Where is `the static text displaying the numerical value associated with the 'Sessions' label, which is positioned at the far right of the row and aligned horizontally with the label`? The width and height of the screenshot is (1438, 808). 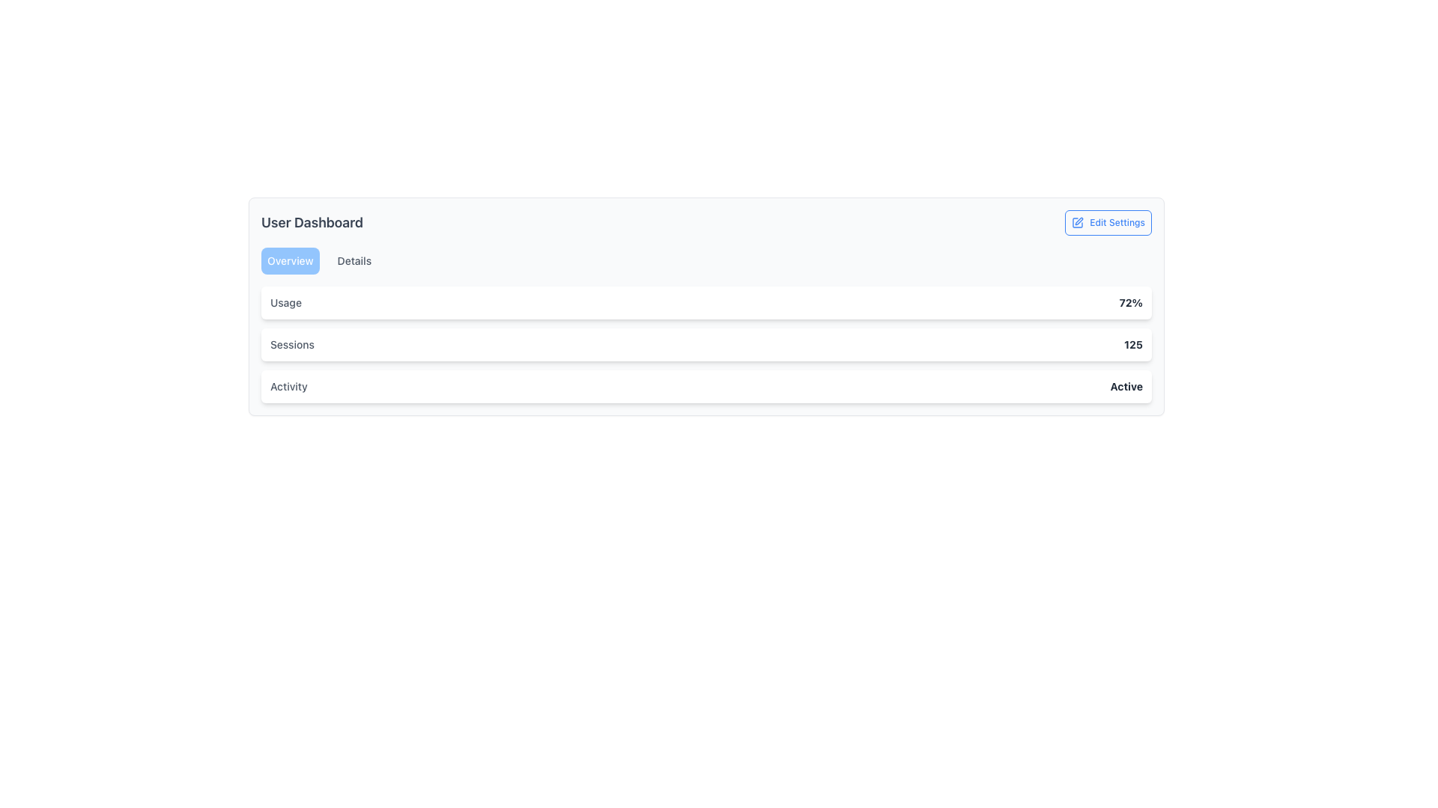 the static text displaying the numerical value associated with the 'Sessions' label, which is positioned at the far right of the row and aligned horizontally with the label is located at coordinates (1133, 345).